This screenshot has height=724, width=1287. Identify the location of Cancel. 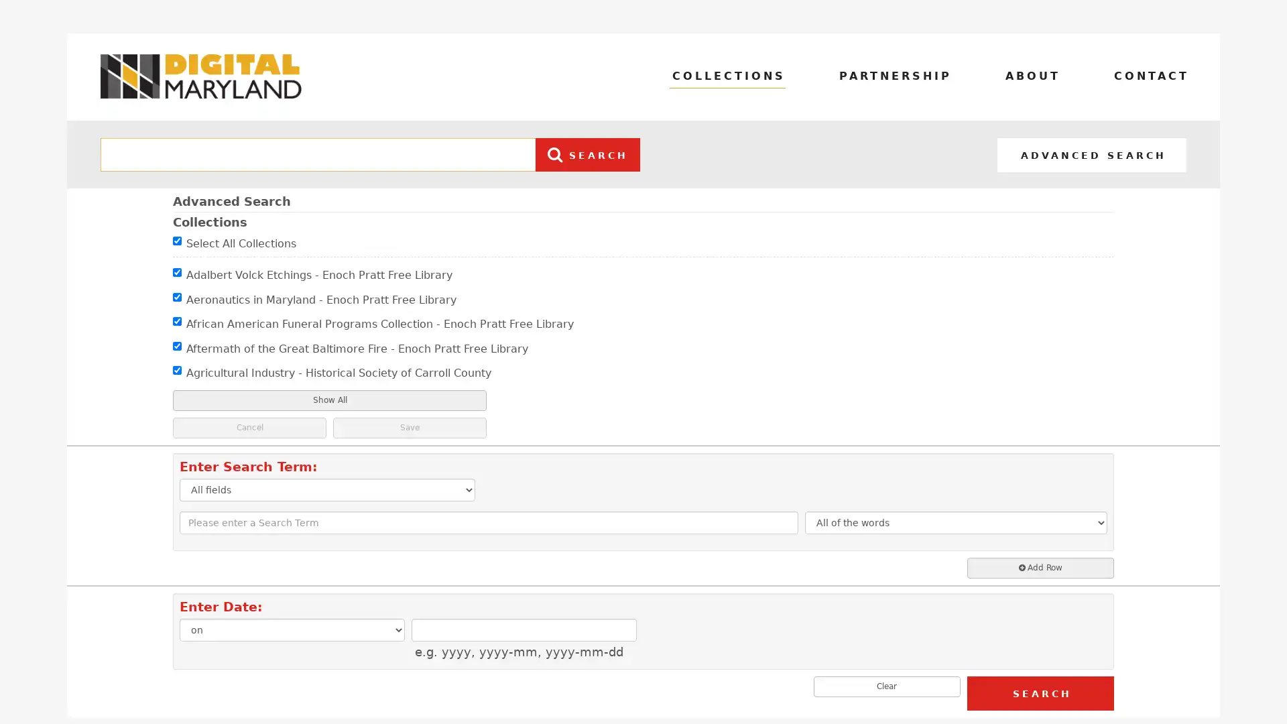
(249, 427).